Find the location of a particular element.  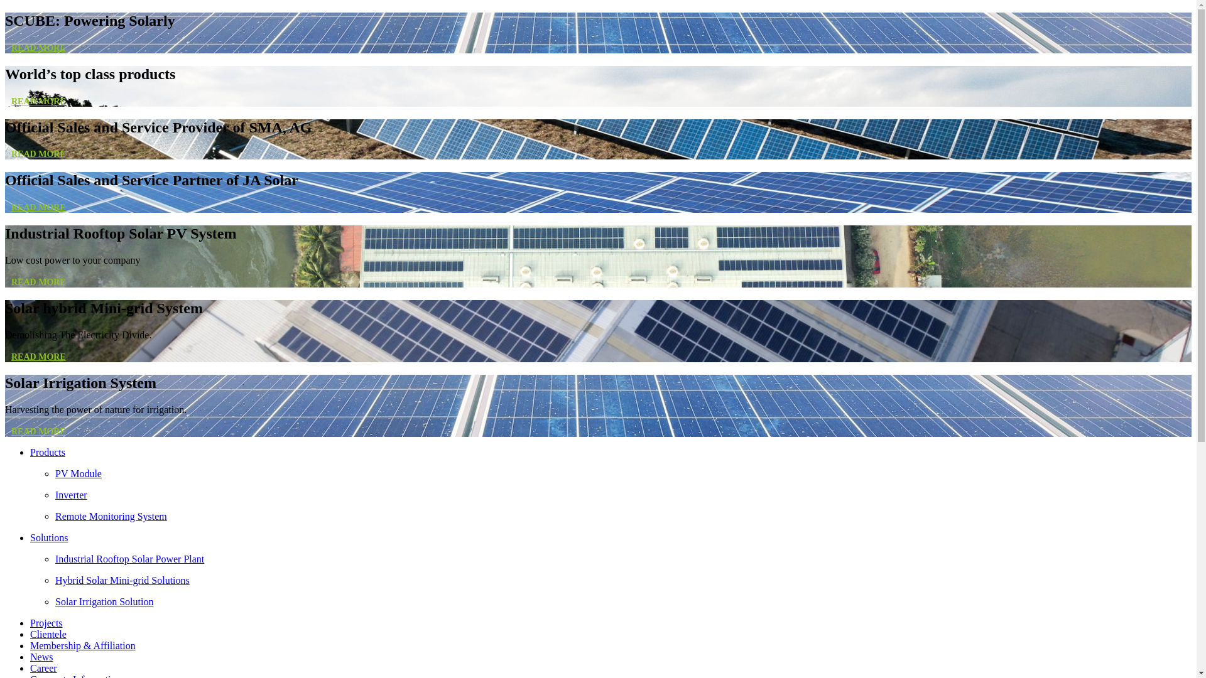

'Solutions' is located at coordinates (48, 537).